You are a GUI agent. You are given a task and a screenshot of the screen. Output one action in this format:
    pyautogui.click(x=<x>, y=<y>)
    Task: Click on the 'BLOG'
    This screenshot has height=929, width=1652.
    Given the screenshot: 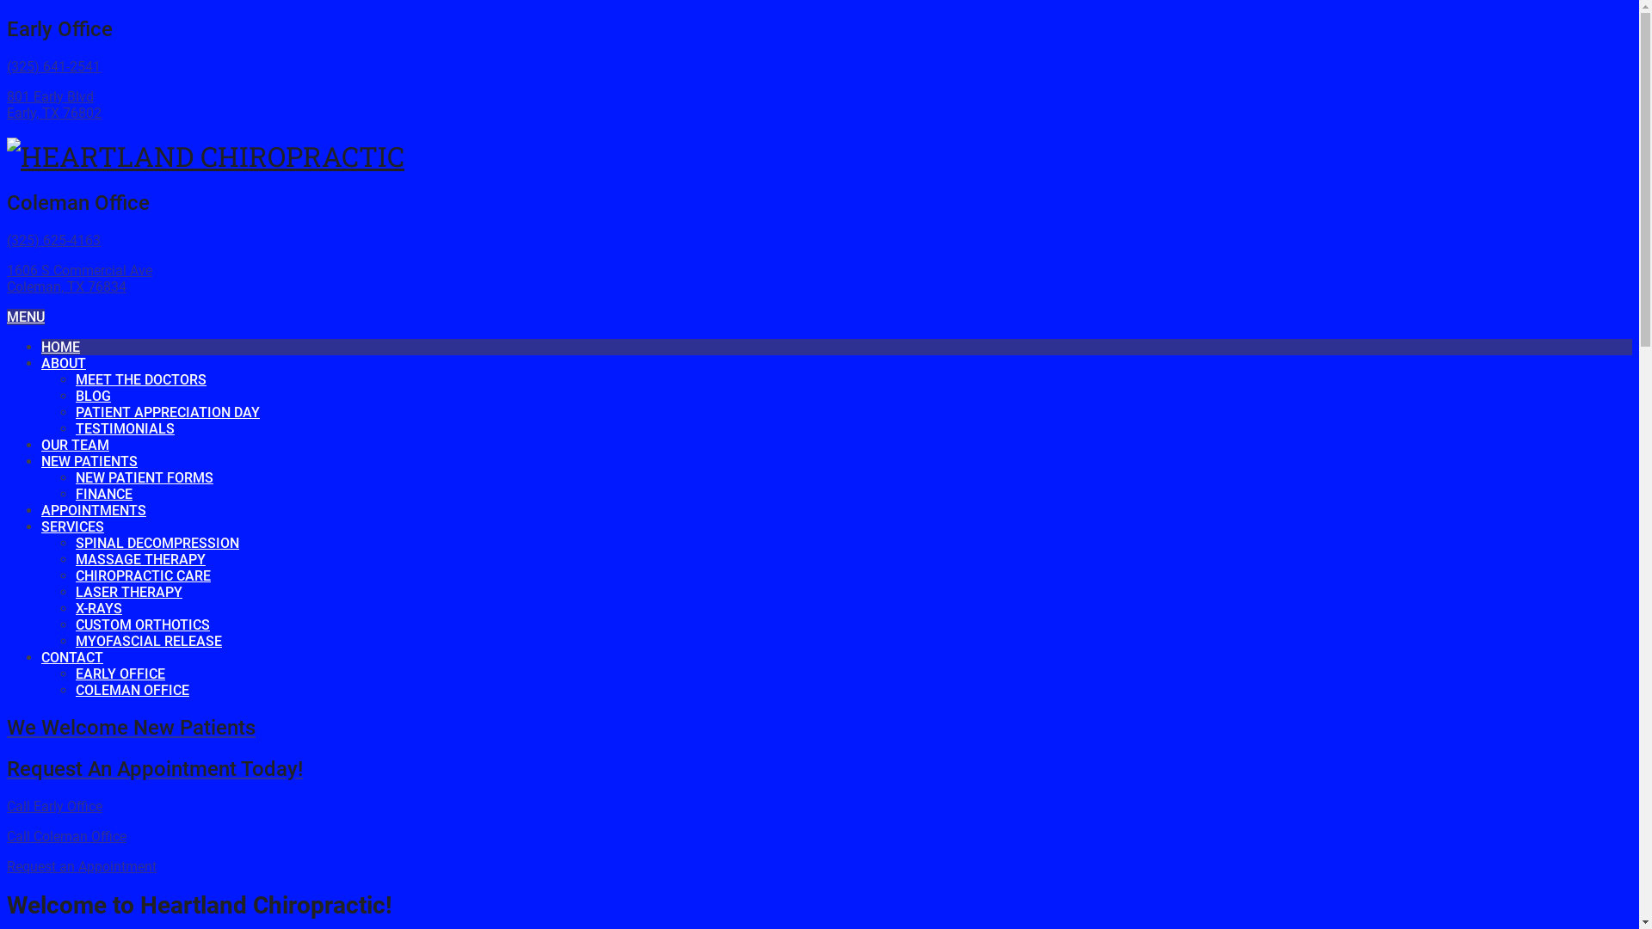 What is the action you would take?
    pyautogui.click(x=92, y=396)
    